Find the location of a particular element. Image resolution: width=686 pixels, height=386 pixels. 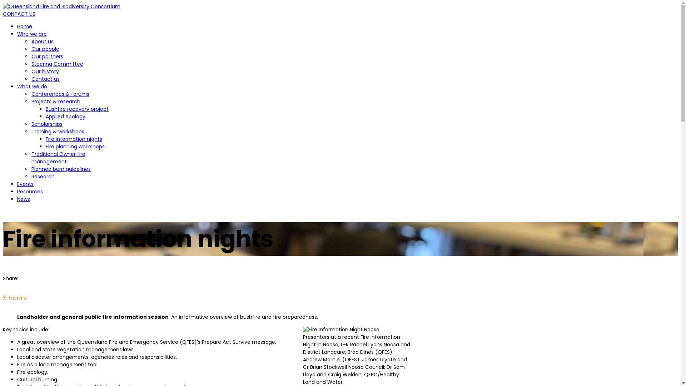

'Bushfire recovery project' is located at coordinates (77, 109).